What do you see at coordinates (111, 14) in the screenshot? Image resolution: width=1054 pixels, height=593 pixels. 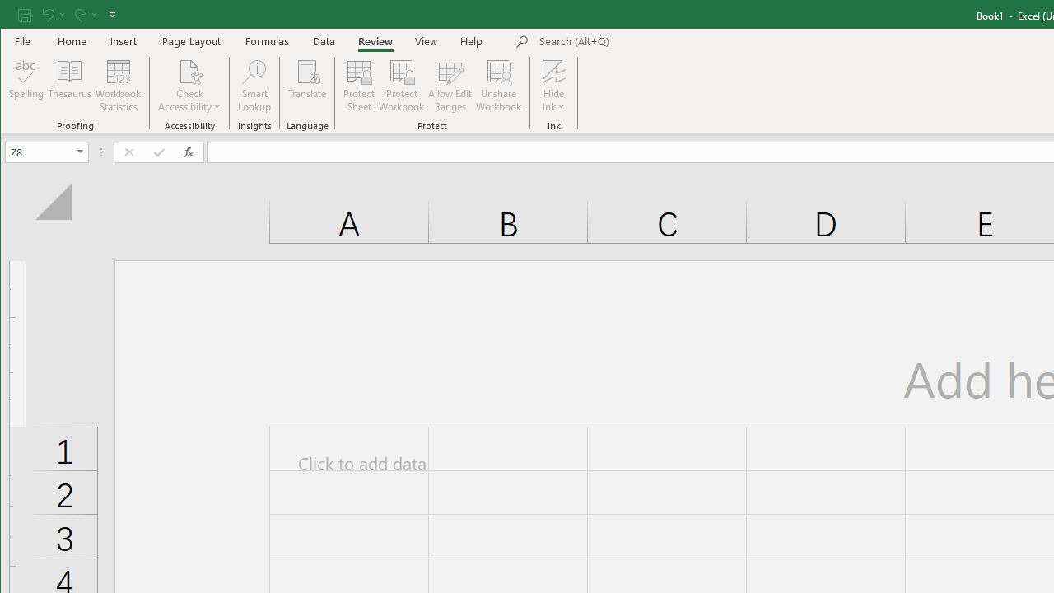 I see `'Customize Quick Access Toolbar'` at bounding box center [111, 14].